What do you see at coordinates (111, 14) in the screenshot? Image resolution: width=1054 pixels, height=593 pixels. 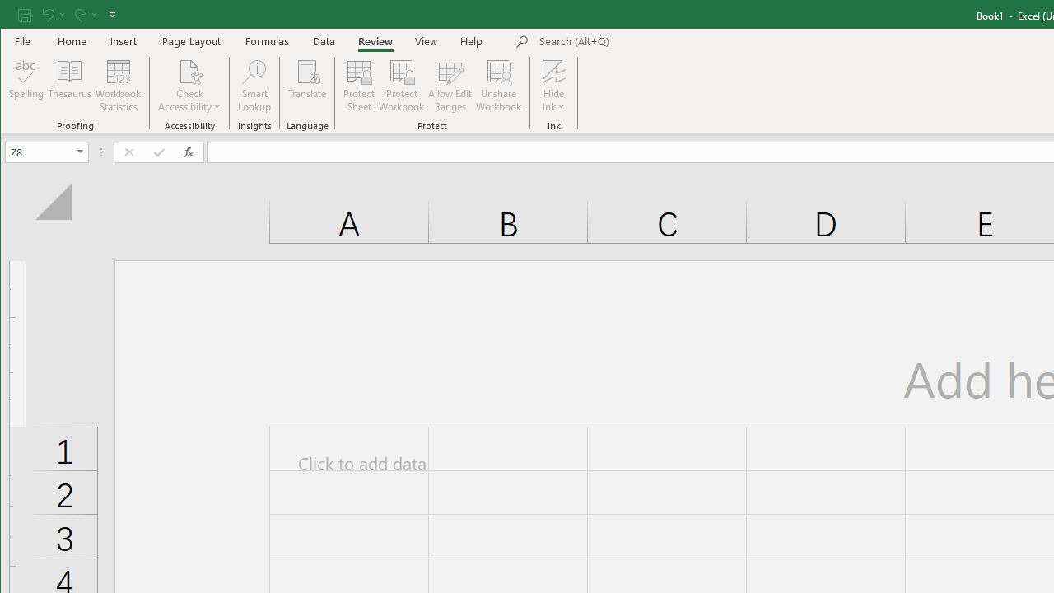 I see `'Customize Quick Access Toolbar'` at bounding box center [111, 14].